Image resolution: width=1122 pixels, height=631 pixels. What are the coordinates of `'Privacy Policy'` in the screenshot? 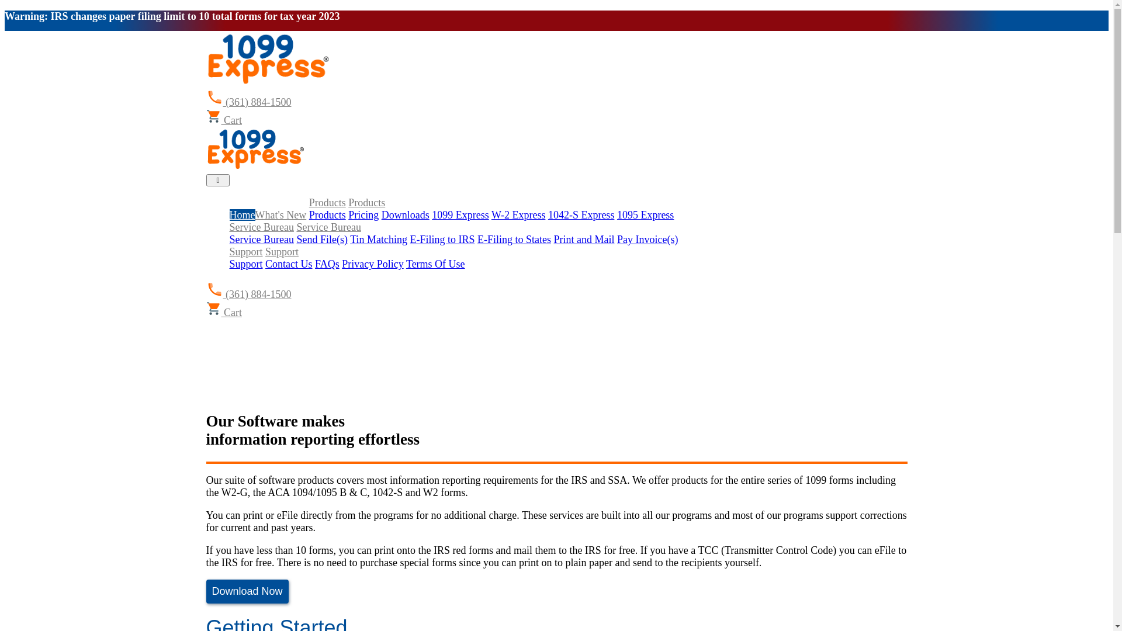 It's located at (372, 264).